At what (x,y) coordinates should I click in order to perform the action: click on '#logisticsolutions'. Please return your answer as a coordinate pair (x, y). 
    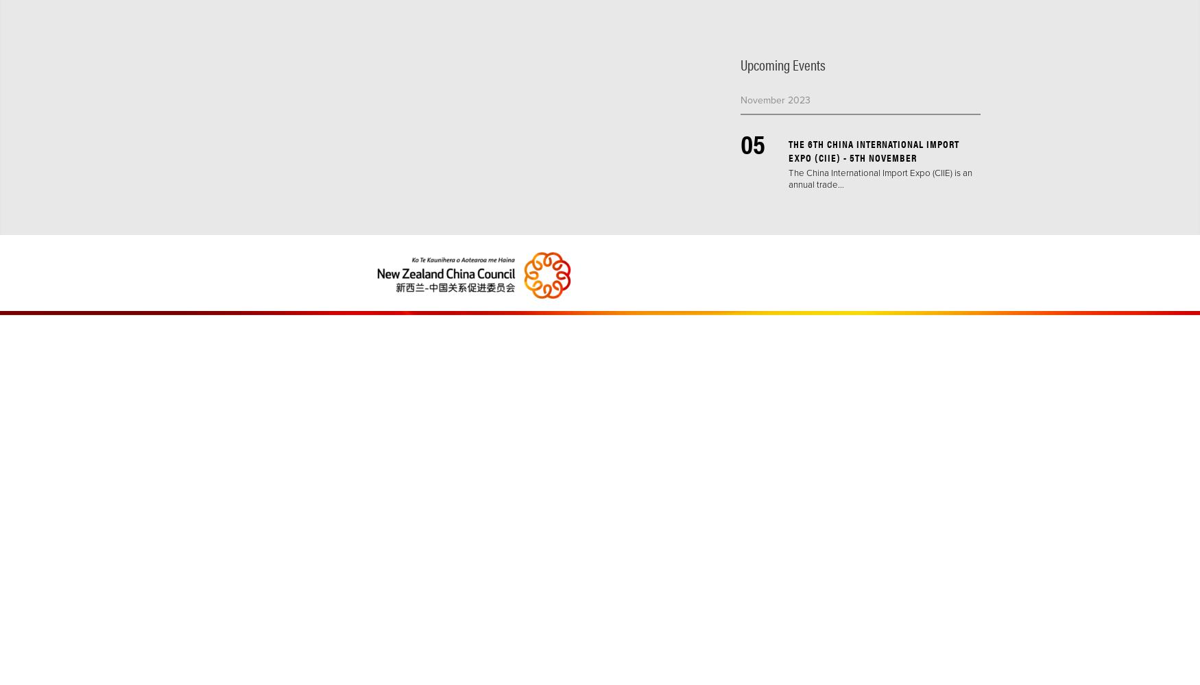
    Looking at the image, I should click on (787, 51).